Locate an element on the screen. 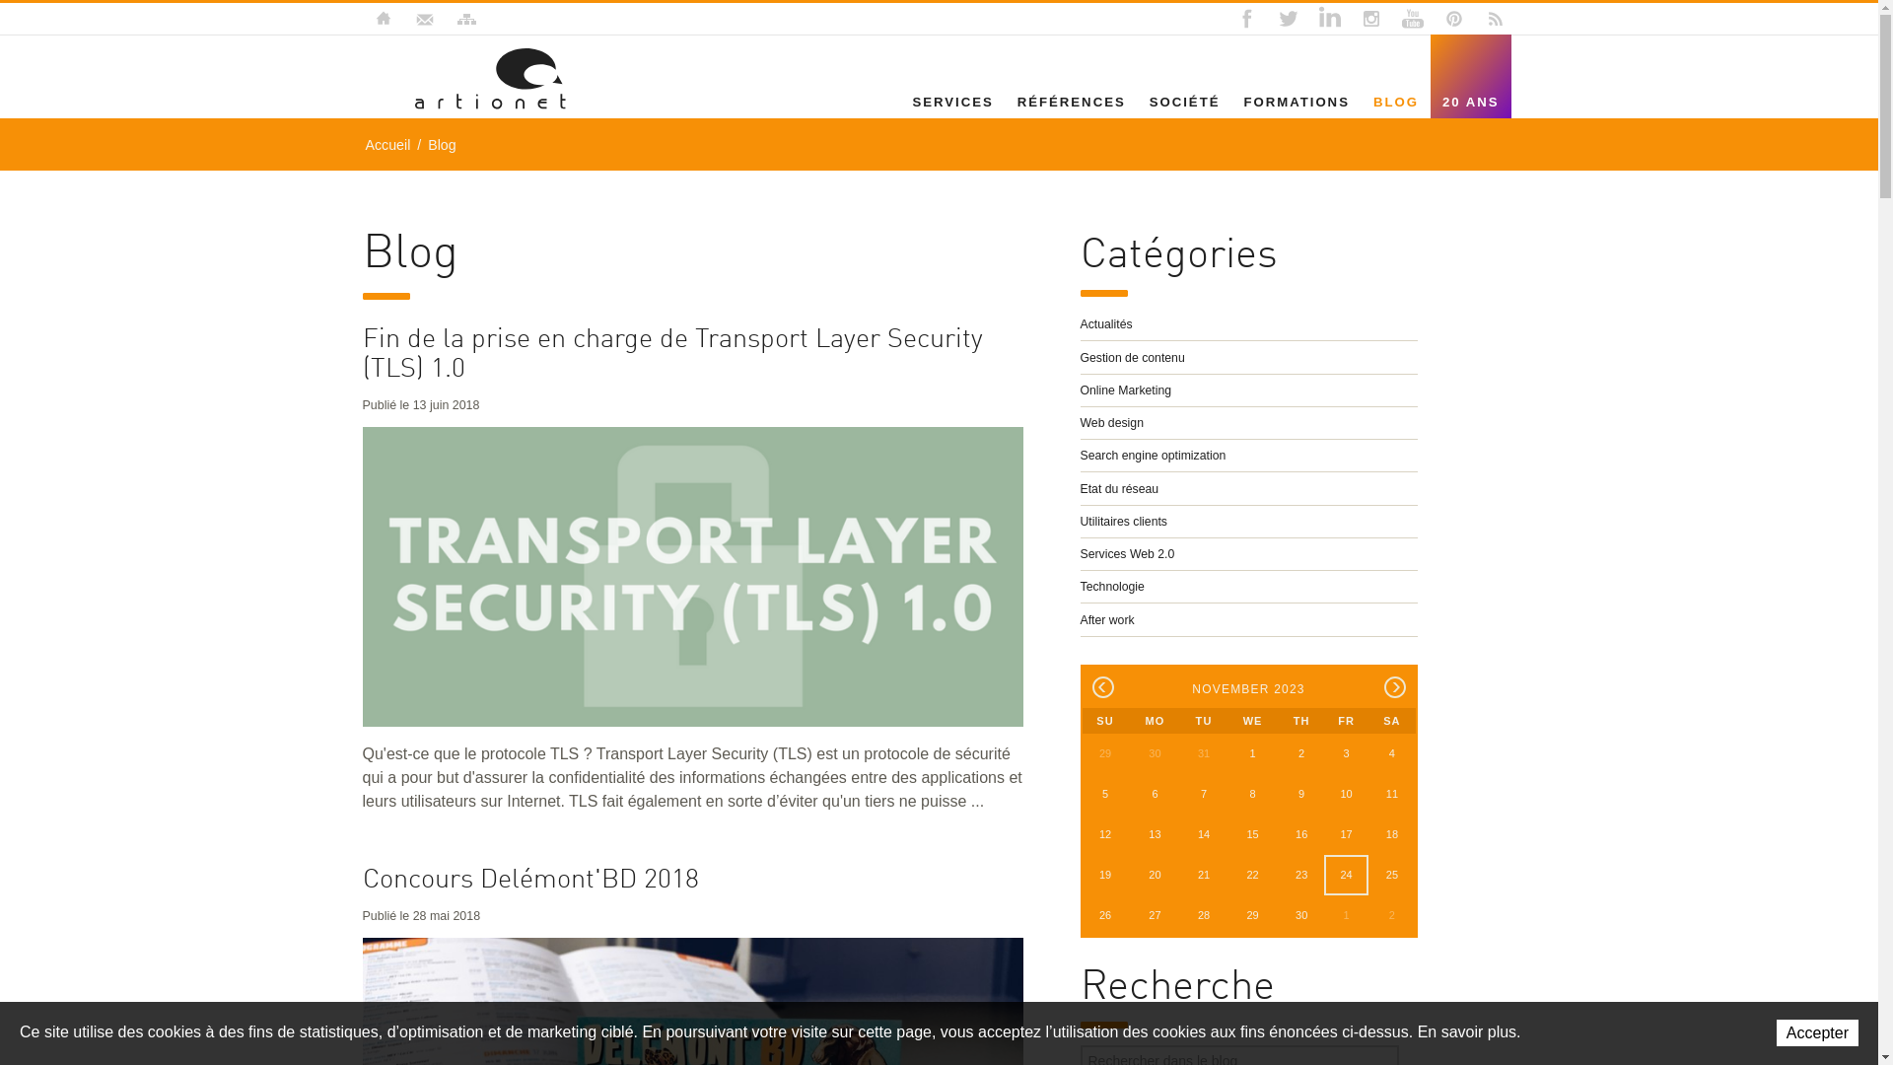 The width and height of the screenshot is (1893, 1065). 'Twitter' is located at coordinates (1287, 19).